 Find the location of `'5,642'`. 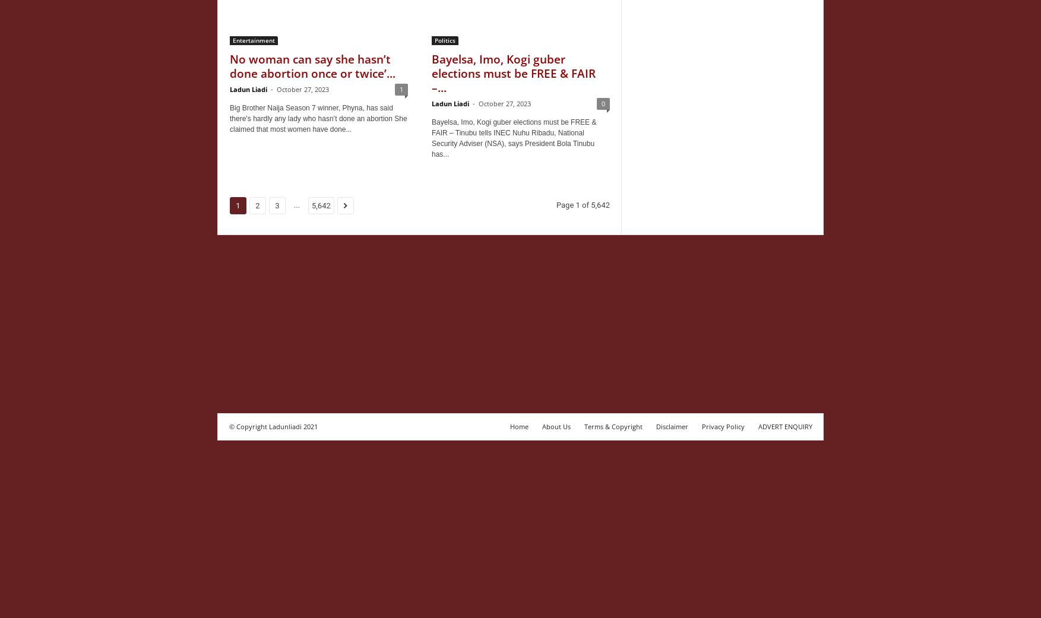

'5,642' is located at coordinates (321, 205).